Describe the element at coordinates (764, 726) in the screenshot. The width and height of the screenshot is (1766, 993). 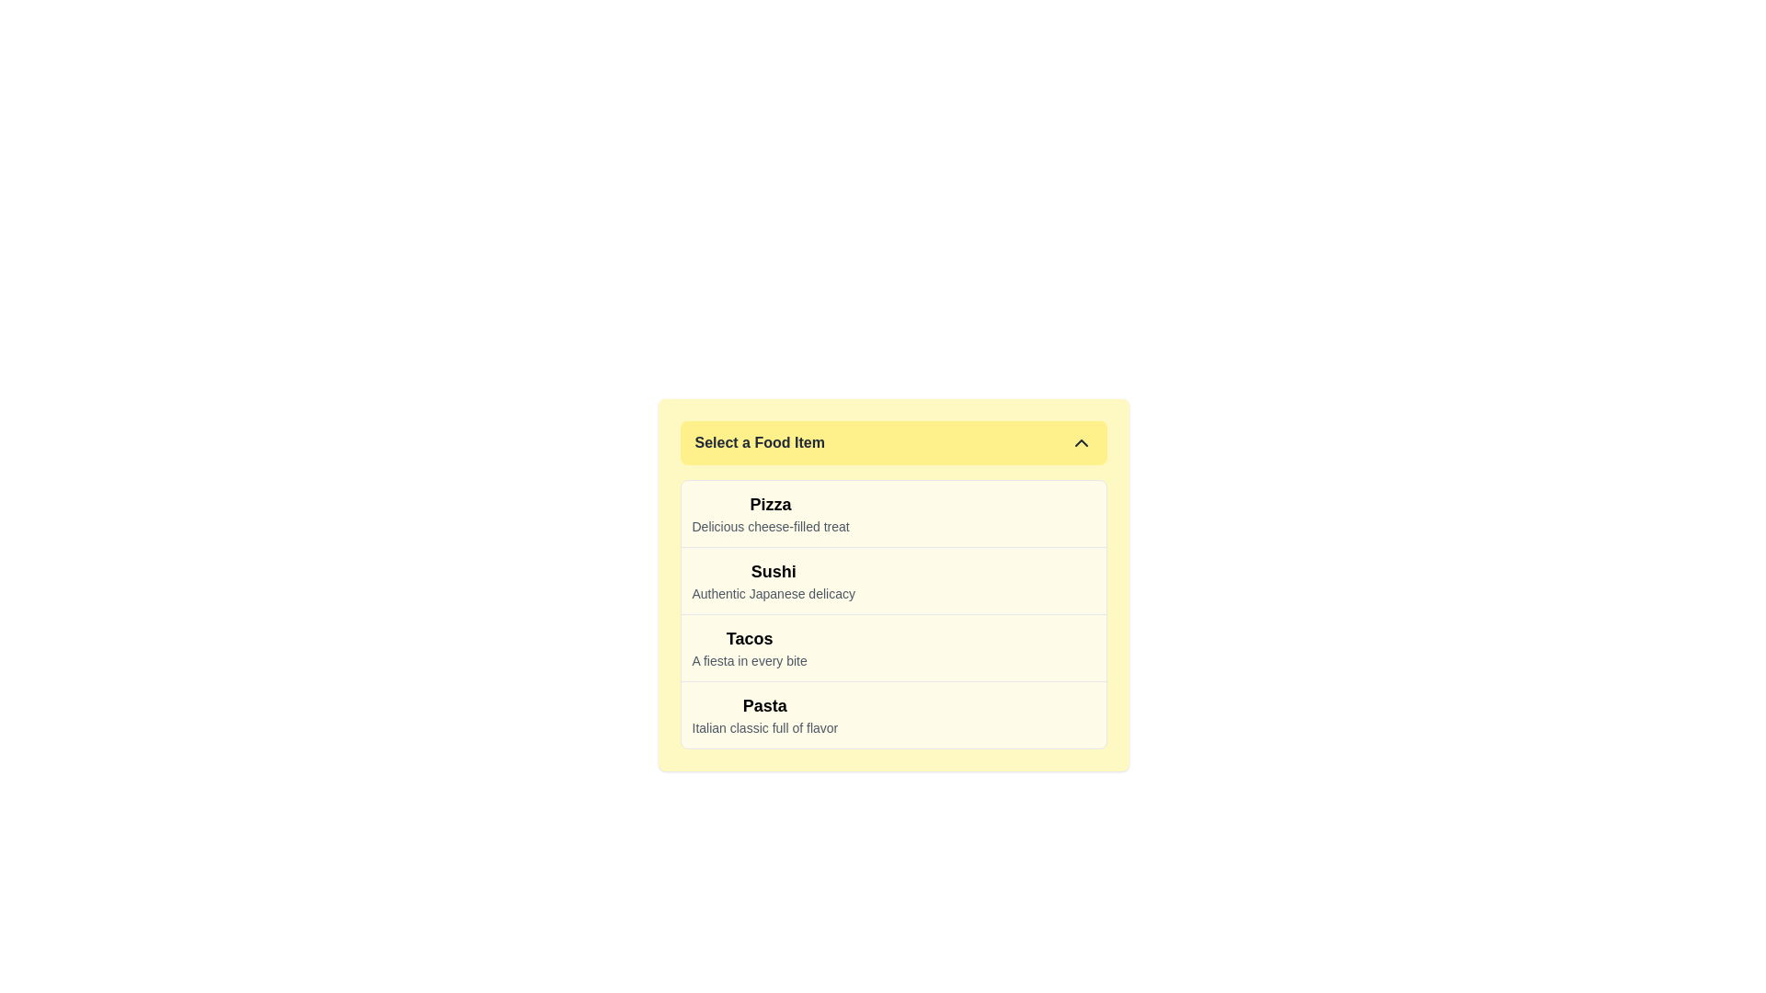
I see `the text label displaying 'Italian classic full of flavor', which is styled in smaller, gray-colored text and positioned below the 'Pasta' heading in the food options list` at that location.